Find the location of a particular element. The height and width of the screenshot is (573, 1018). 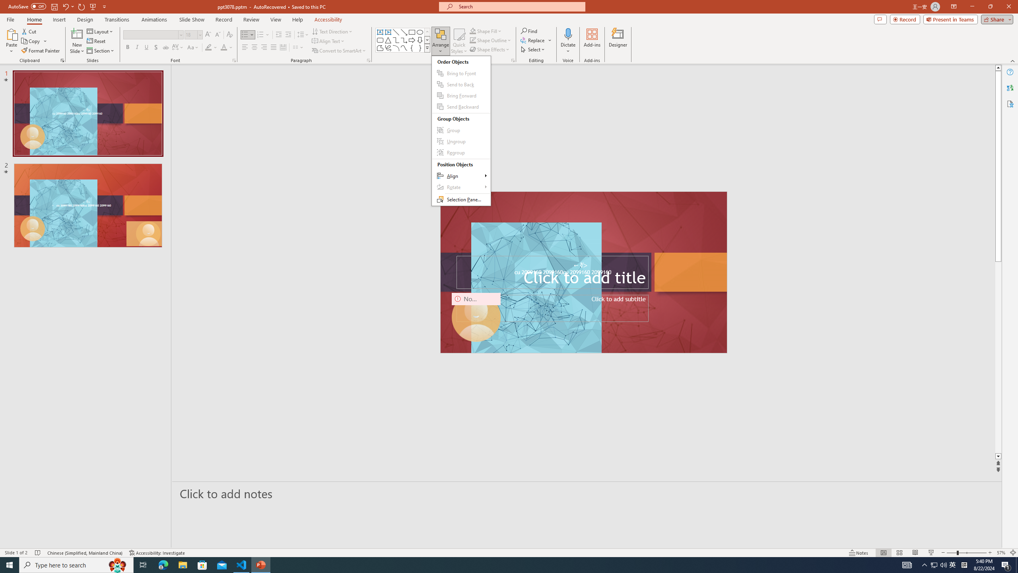

'Microsoft Edge' is located at coordinates (163, 564).